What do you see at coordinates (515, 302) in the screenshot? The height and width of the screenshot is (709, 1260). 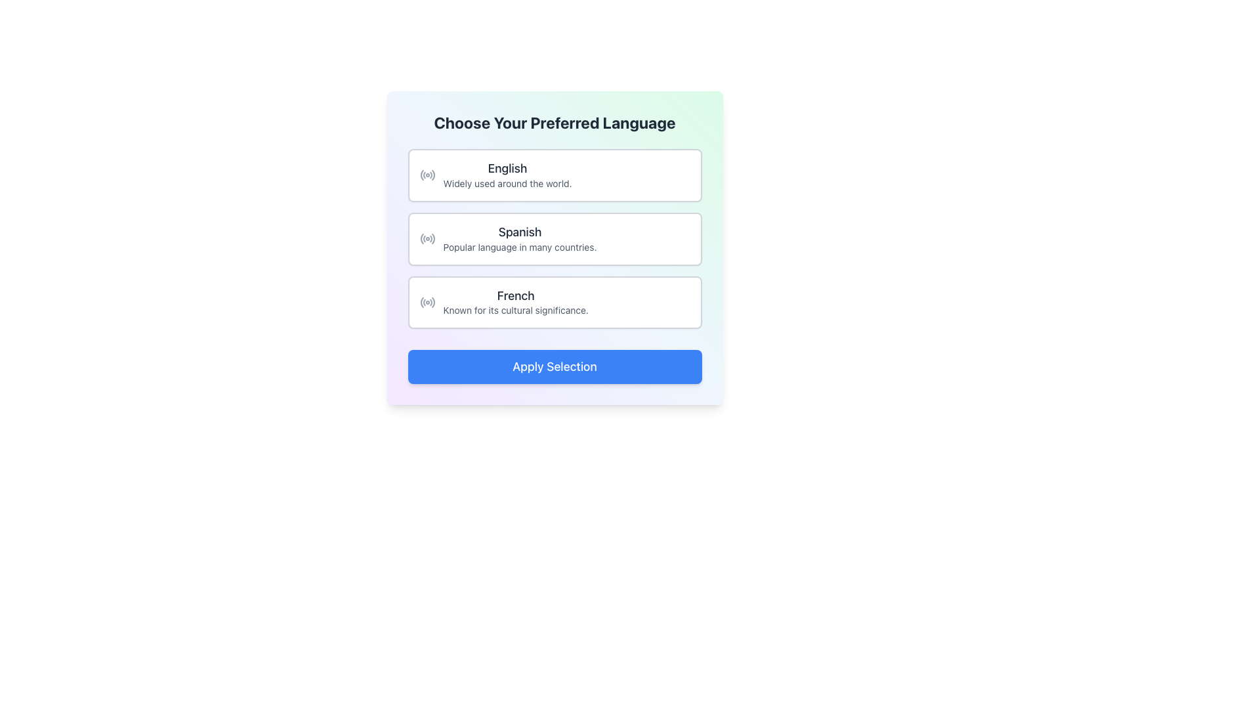 I see `the third interactive card labeled 'French'` at bounding box center [515, 302].